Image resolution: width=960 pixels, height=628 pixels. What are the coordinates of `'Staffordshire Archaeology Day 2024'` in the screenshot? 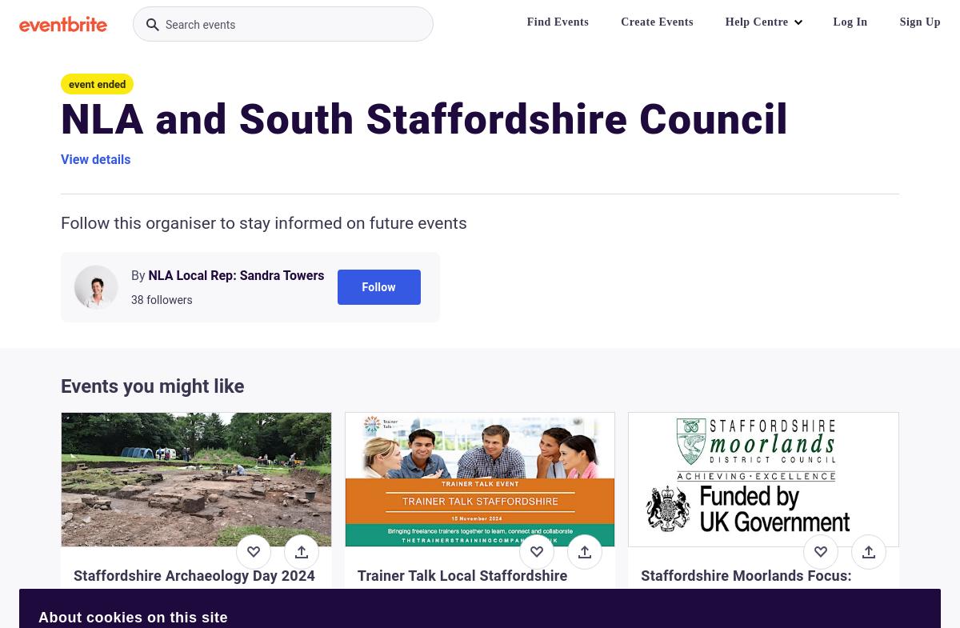 It's located at (194, 575).